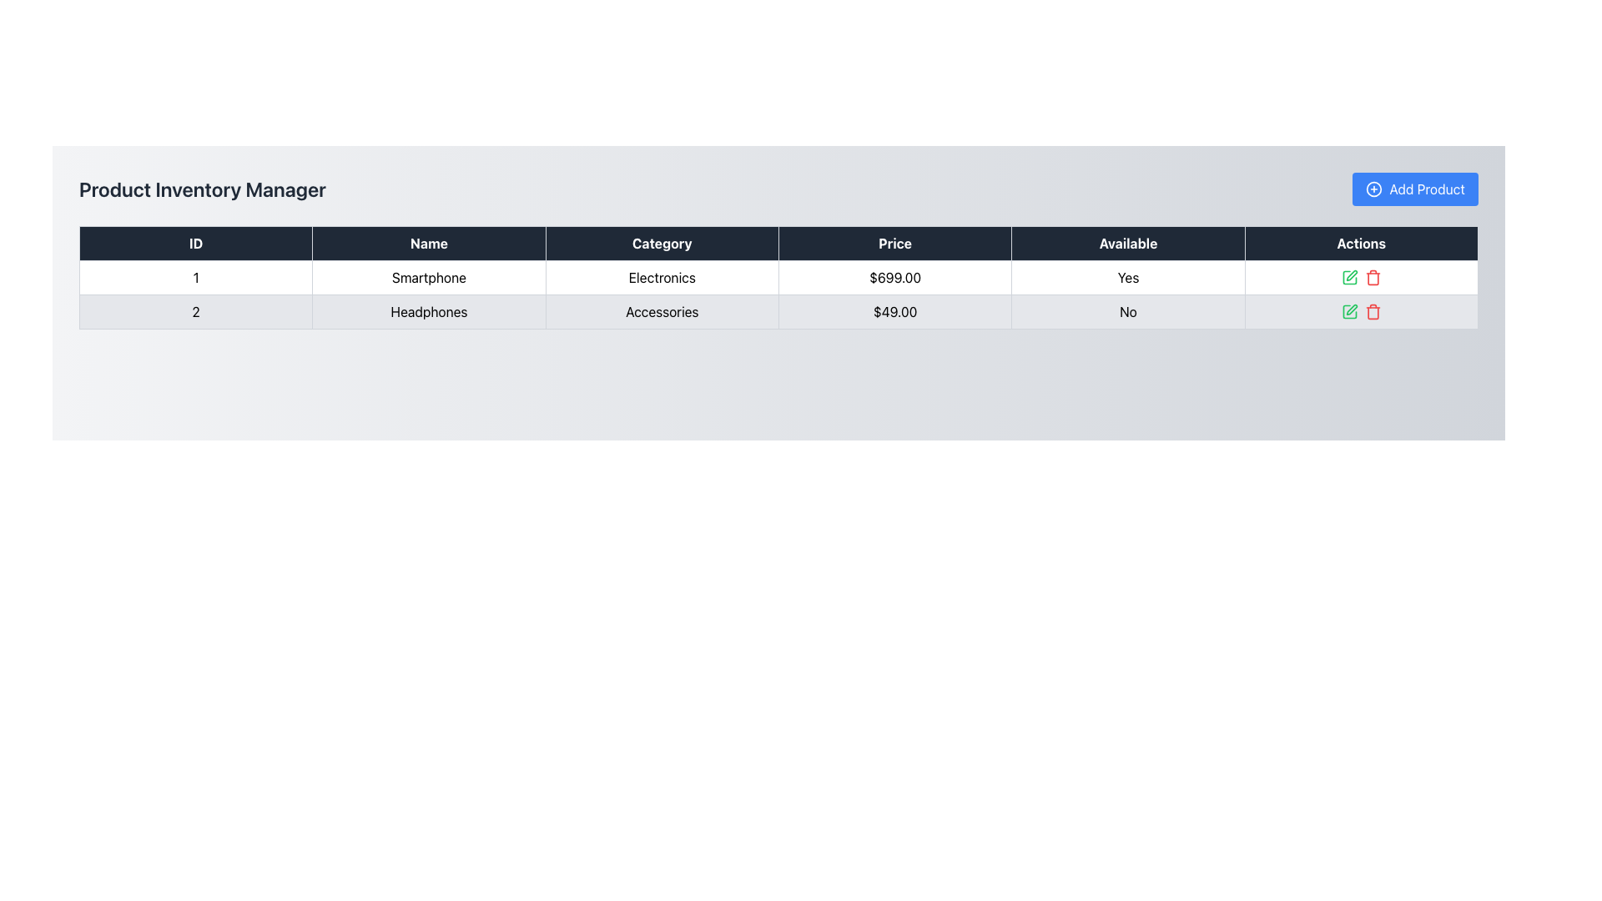 Image resolution: width=1602 pixels, height=901 pixels. Describe the element at coordinates (1128, 244) in the screenshot. I see `text from the Table Header Cell labeled 'Available', which is styled with a dark background and white text, located as the fifth column in the header row of the table` at that location.